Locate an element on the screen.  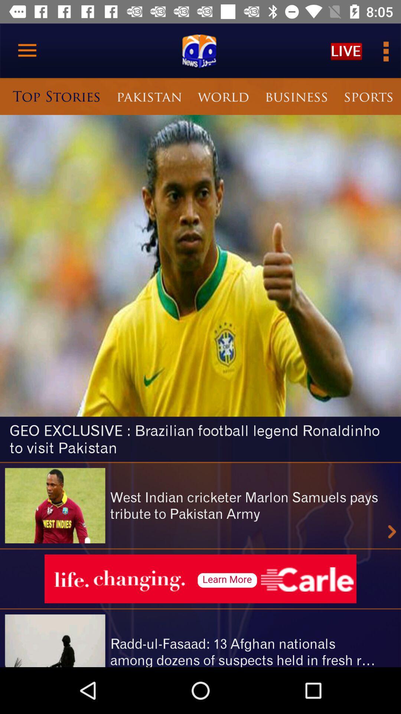
icon left to the 3 dotted vertical line icon is located at coordinates (346, 51).